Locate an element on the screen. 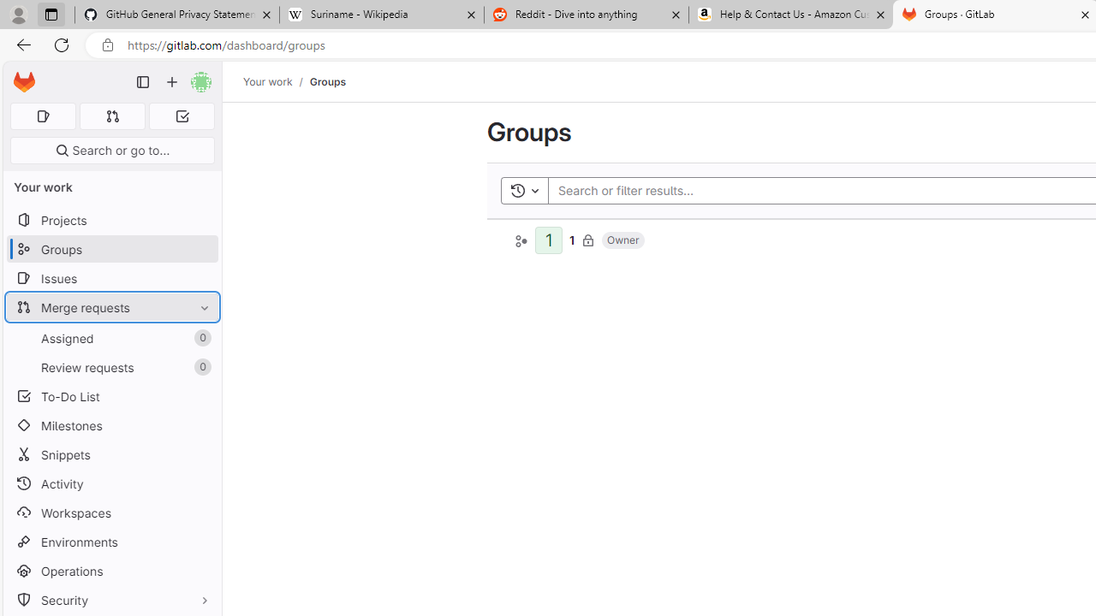 This screenshot has height=616, width=1096. 'Issues' is located at coordinates (111, 277).